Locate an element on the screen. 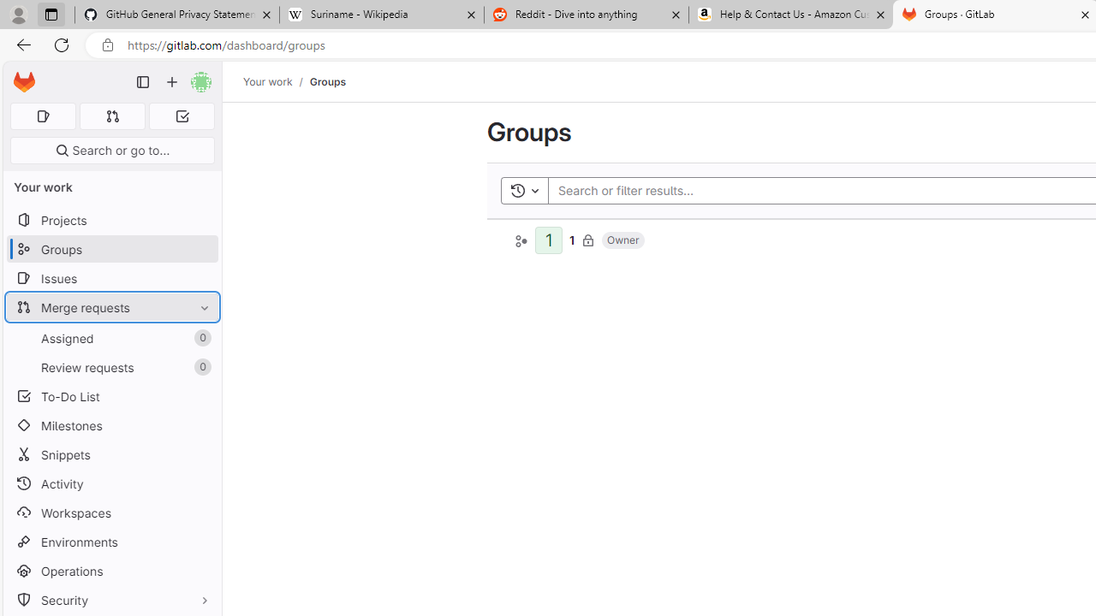 This screenshot has height=616, width=1096. 'Issues' is located at coordinates (111, 277).